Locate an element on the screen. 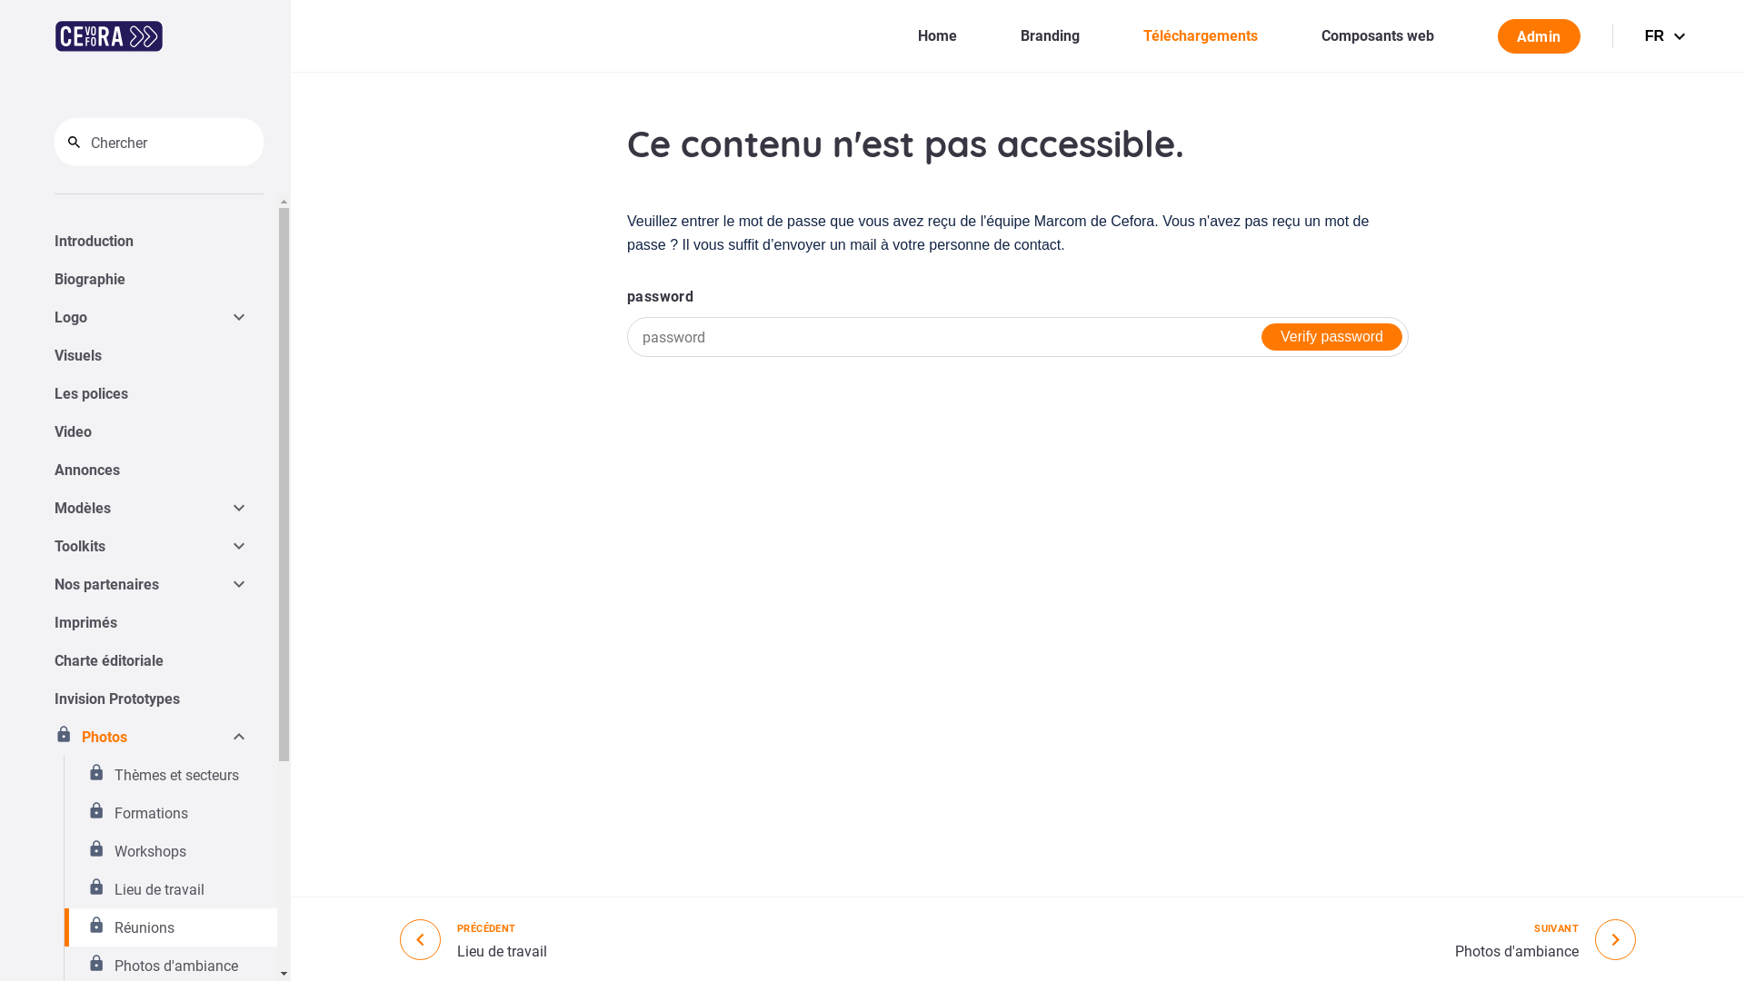  'Logo' is located at coordinates (140, 315).